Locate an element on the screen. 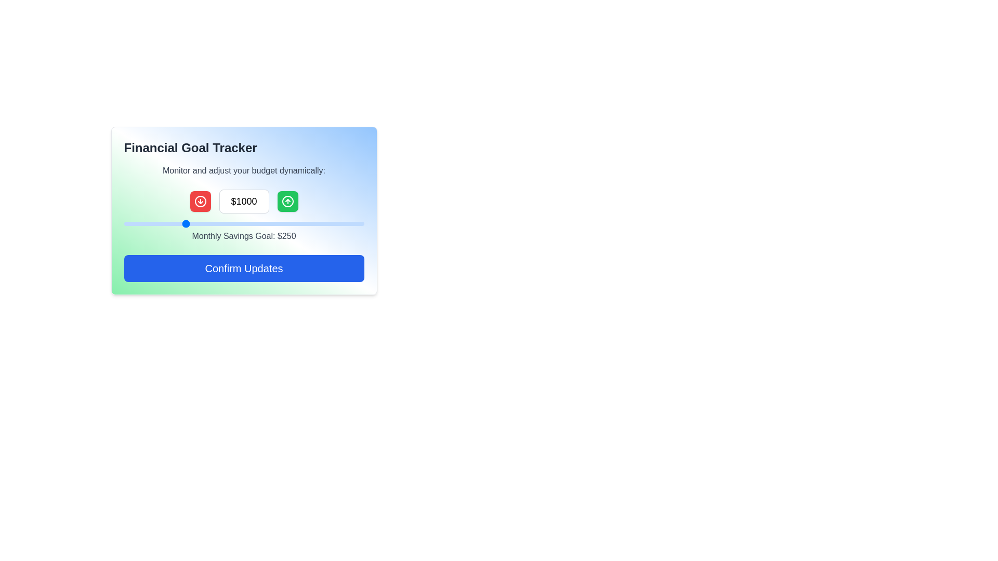 This screenshot has width=998, height=561. the Circular SVG element, which is part of the 'circle-arrow-up' icon located in the center of the green circular control on the right side of the interface is located at coordinates (287, 202).